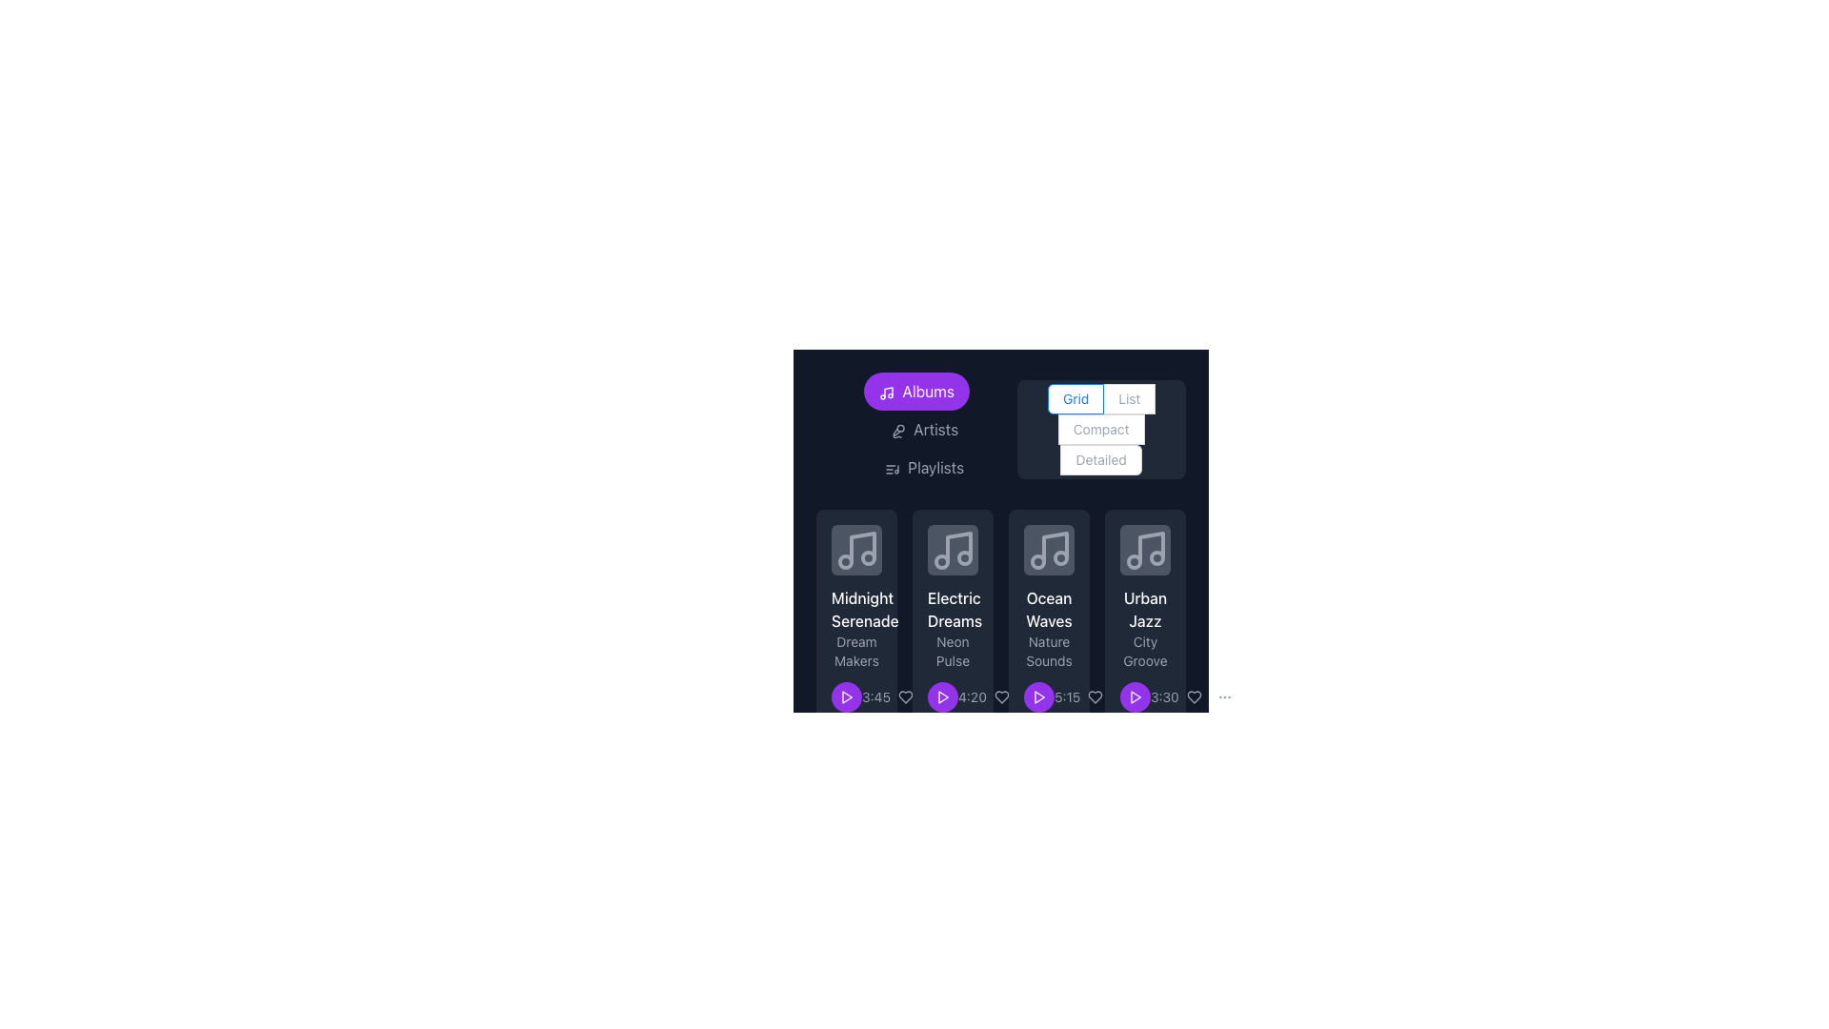  Describe the element at coordinates (924, 467) in the screenshot. I see `the navigation button located in the bottom-right corner of the group of buttons labeled 'Albums' and 'Artists'` at that location.